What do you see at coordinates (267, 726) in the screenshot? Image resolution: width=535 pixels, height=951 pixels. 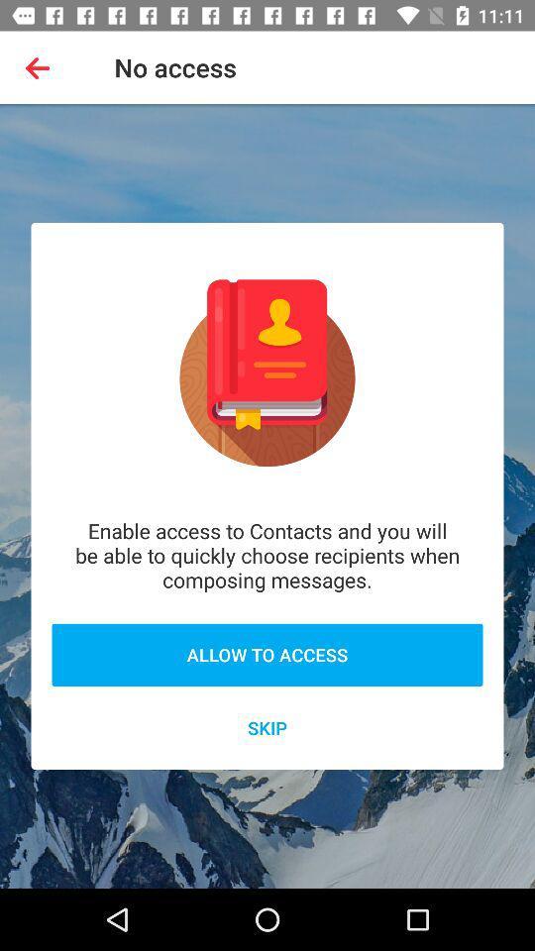 I see `the skip icon` at bounding box center [267, 726].